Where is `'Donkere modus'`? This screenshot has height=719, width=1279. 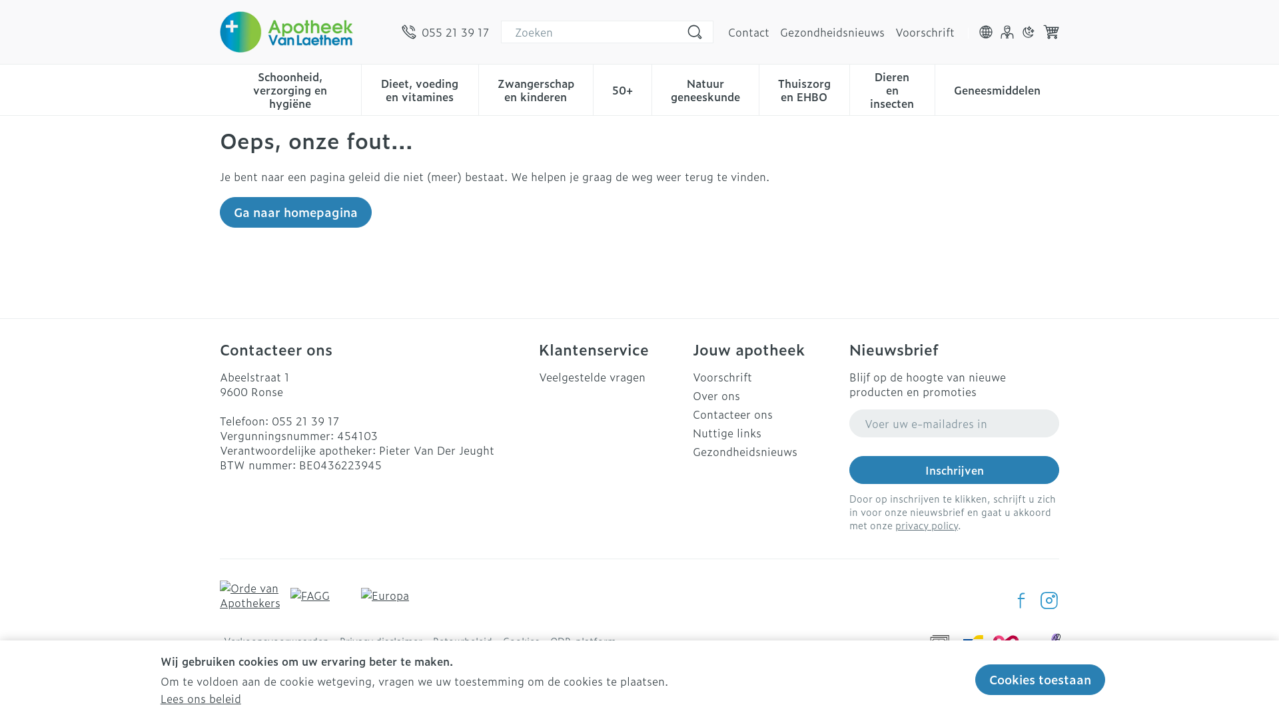 'Donkere modus' is located at coordinates (1028, 31).